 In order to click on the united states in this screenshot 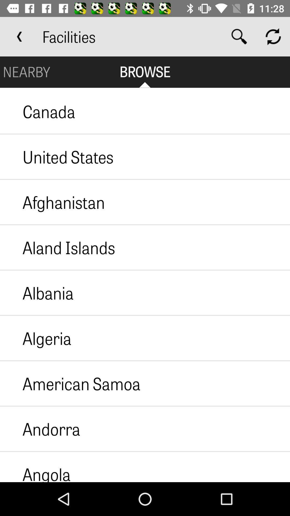, I will do `click(57, 156)`.